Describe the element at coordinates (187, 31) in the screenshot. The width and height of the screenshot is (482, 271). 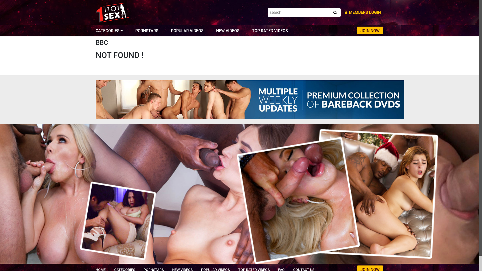
I see `'POPULAR VIDEOS'` at that location.